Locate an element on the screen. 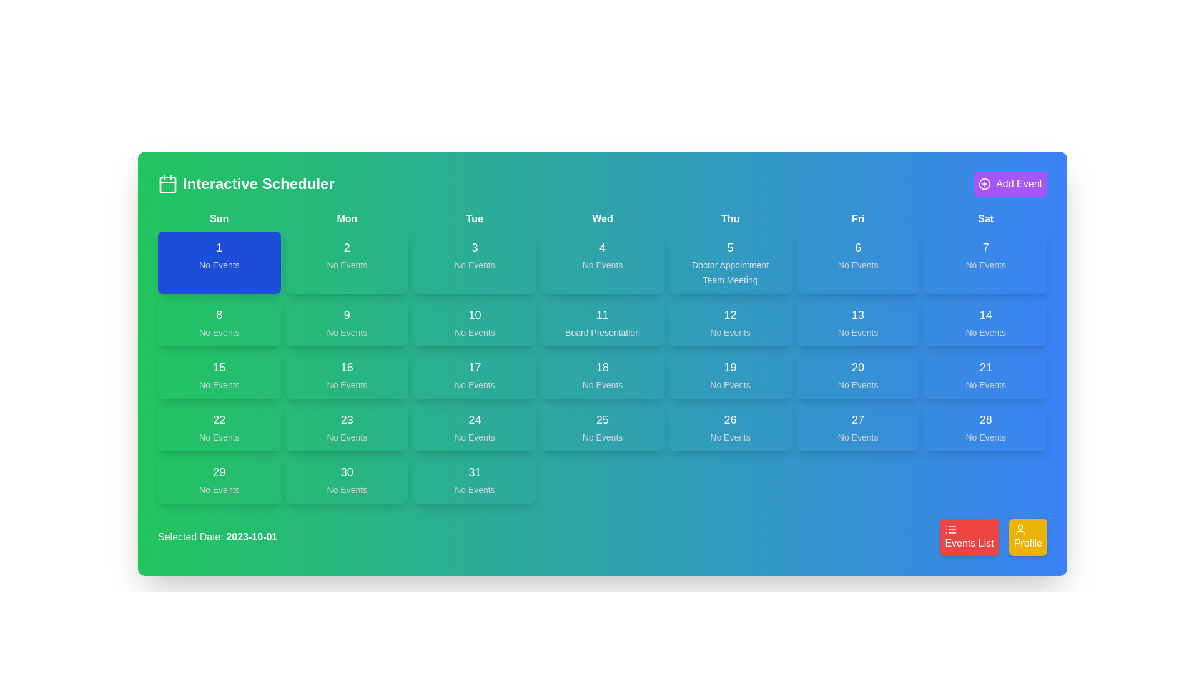  the static text label representing the 28th day in the calendar layout, located in the sixth row and seventh column, near the 'Profile' button is located at coordinates (985, 419).